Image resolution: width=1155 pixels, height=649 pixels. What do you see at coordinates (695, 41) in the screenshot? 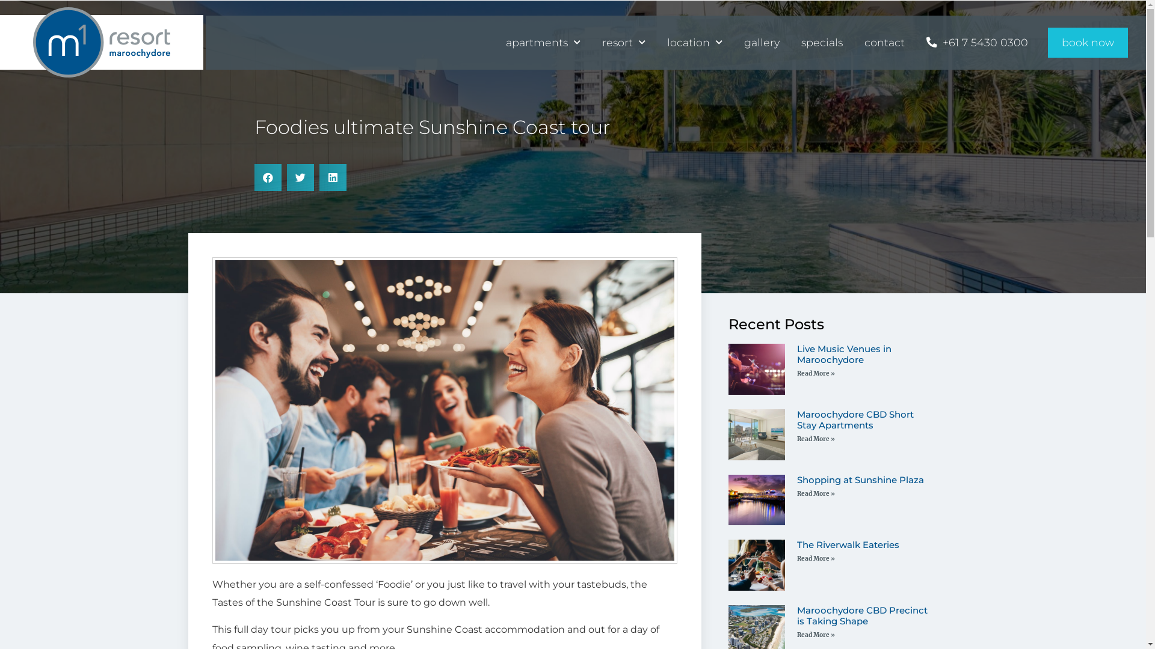
I see `'location'` at bounding box center [695, 41].